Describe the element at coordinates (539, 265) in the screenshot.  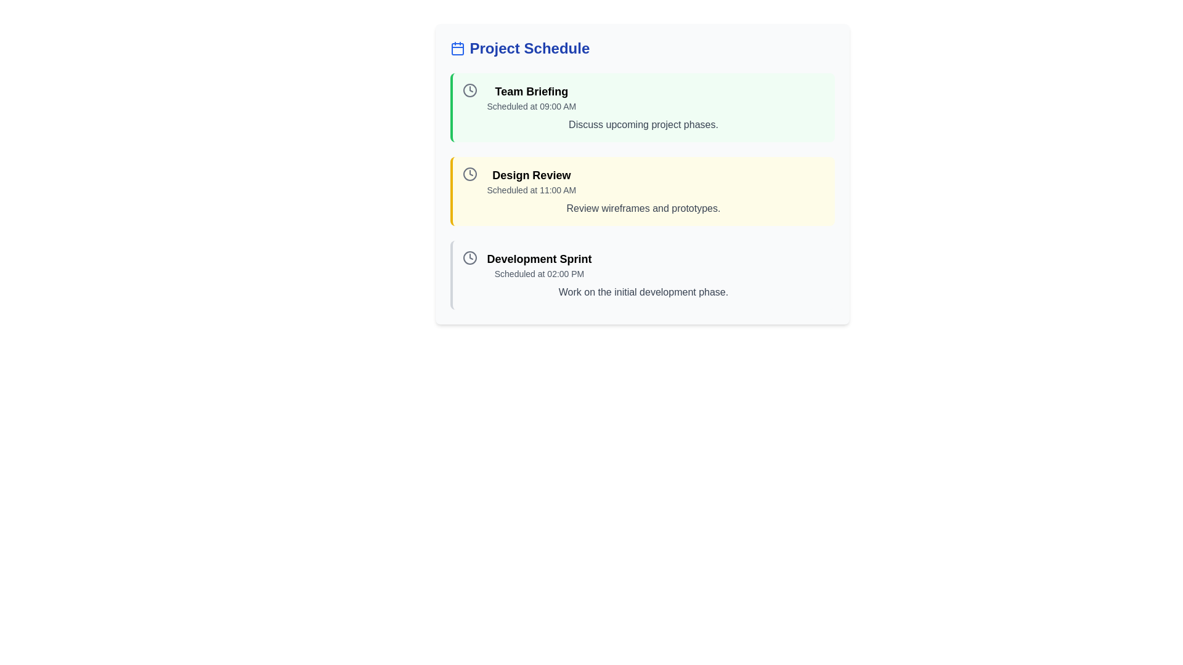
I see `information displayed in the Text Display element showing 'Development Sprint' and 'Scheduled at 02:00 PM'` at that location.